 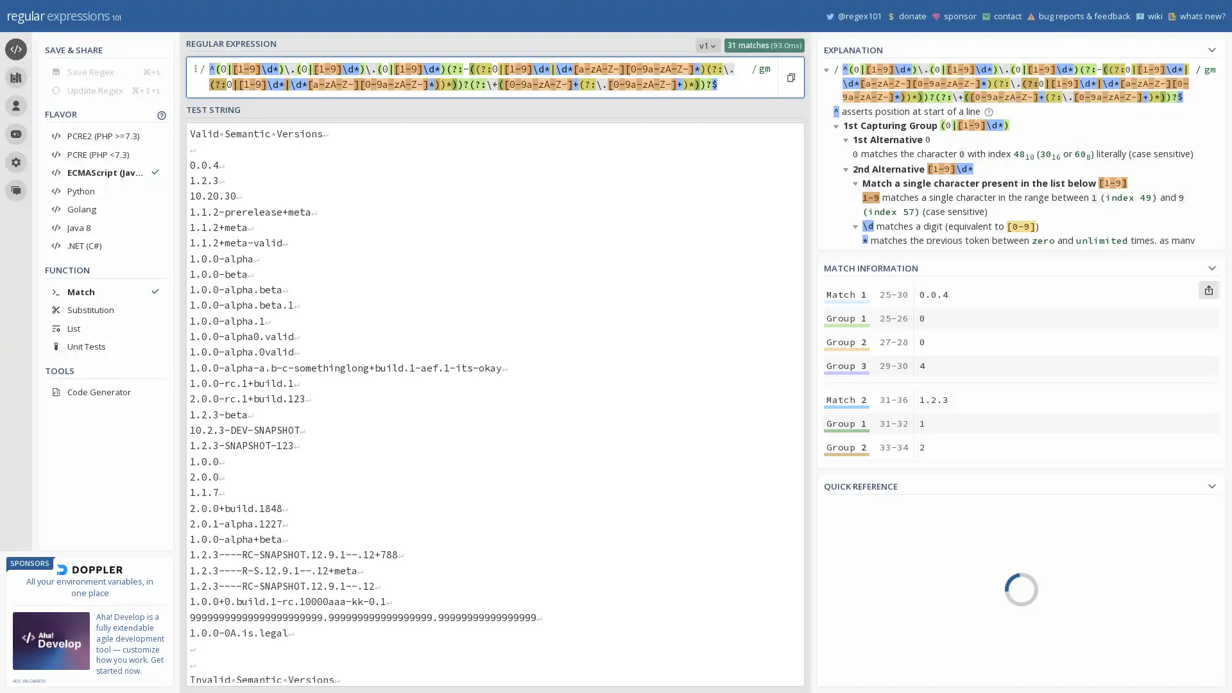 I want to click on A character in the range: a-z or A-Z [a-zA-Z], so click(x=1085, y=581).